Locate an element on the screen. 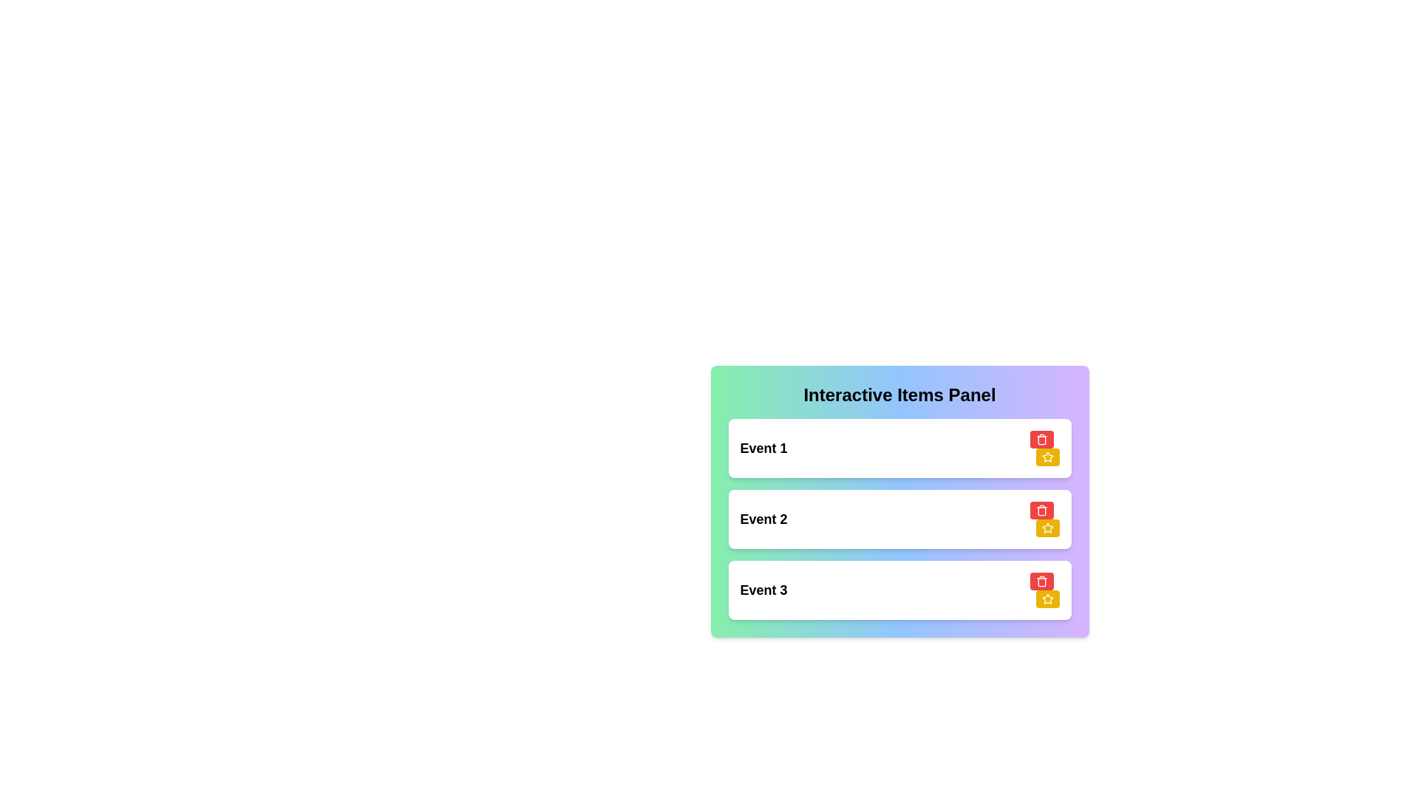  the yellow star-shaped icon in the 'Interactive Items Panel' is located at coordinates (1047, 527).